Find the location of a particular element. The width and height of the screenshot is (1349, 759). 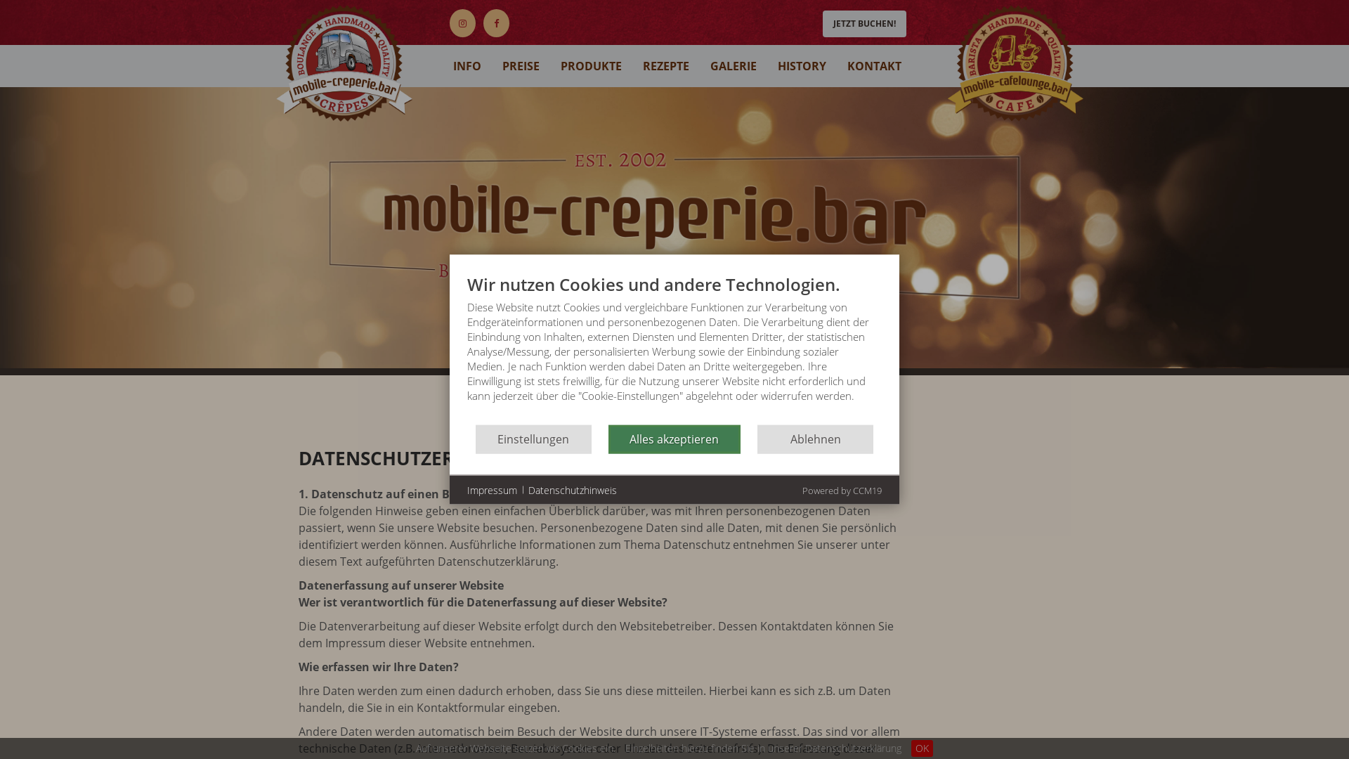

'INFO' is located at coordinates (467, 65).